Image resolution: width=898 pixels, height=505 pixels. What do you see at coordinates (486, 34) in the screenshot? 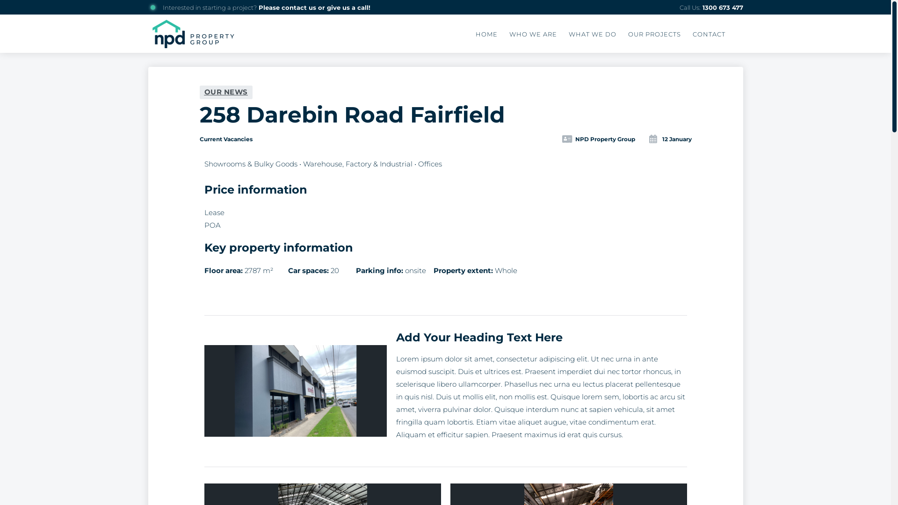
I see `'HOME'` at bounding box center [486, 34].